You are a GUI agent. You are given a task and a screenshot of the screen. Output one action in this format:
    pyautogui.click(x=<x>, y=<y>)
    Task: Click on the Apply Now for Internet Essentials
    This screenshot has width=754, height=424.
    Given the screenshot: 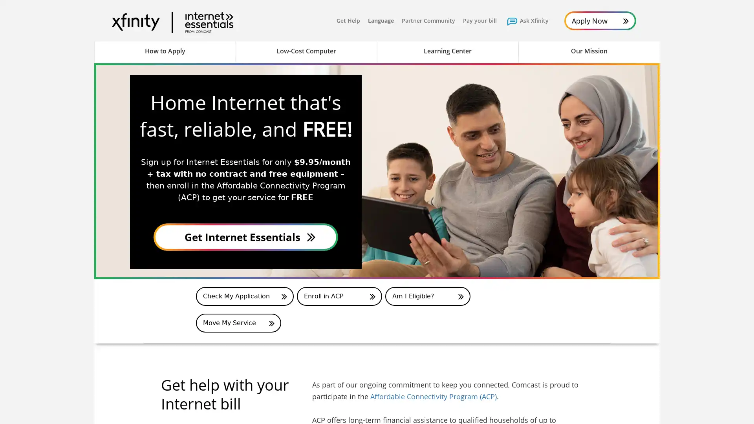 What is the action you would take?
    pyautogui.click(x=245, y=237)
    